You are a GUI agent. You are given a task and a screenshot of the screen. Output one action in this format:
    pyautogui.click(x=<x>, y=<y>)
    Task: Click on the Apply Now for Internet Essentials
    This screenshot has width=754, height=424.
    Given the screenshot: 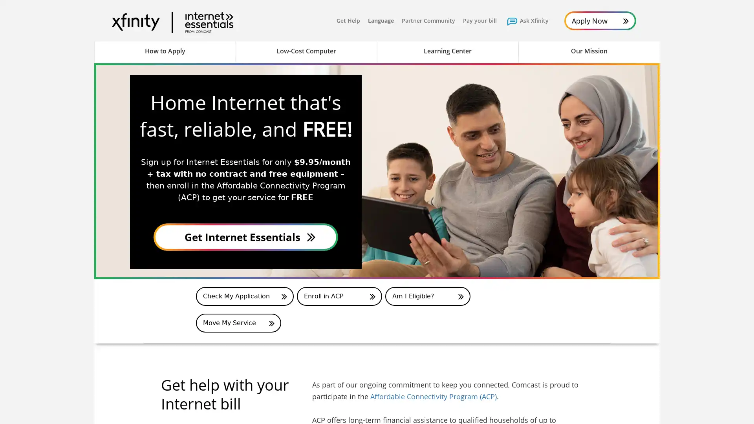 What is the action you would take?
    pyautogui.click(x=245, y=237)
    